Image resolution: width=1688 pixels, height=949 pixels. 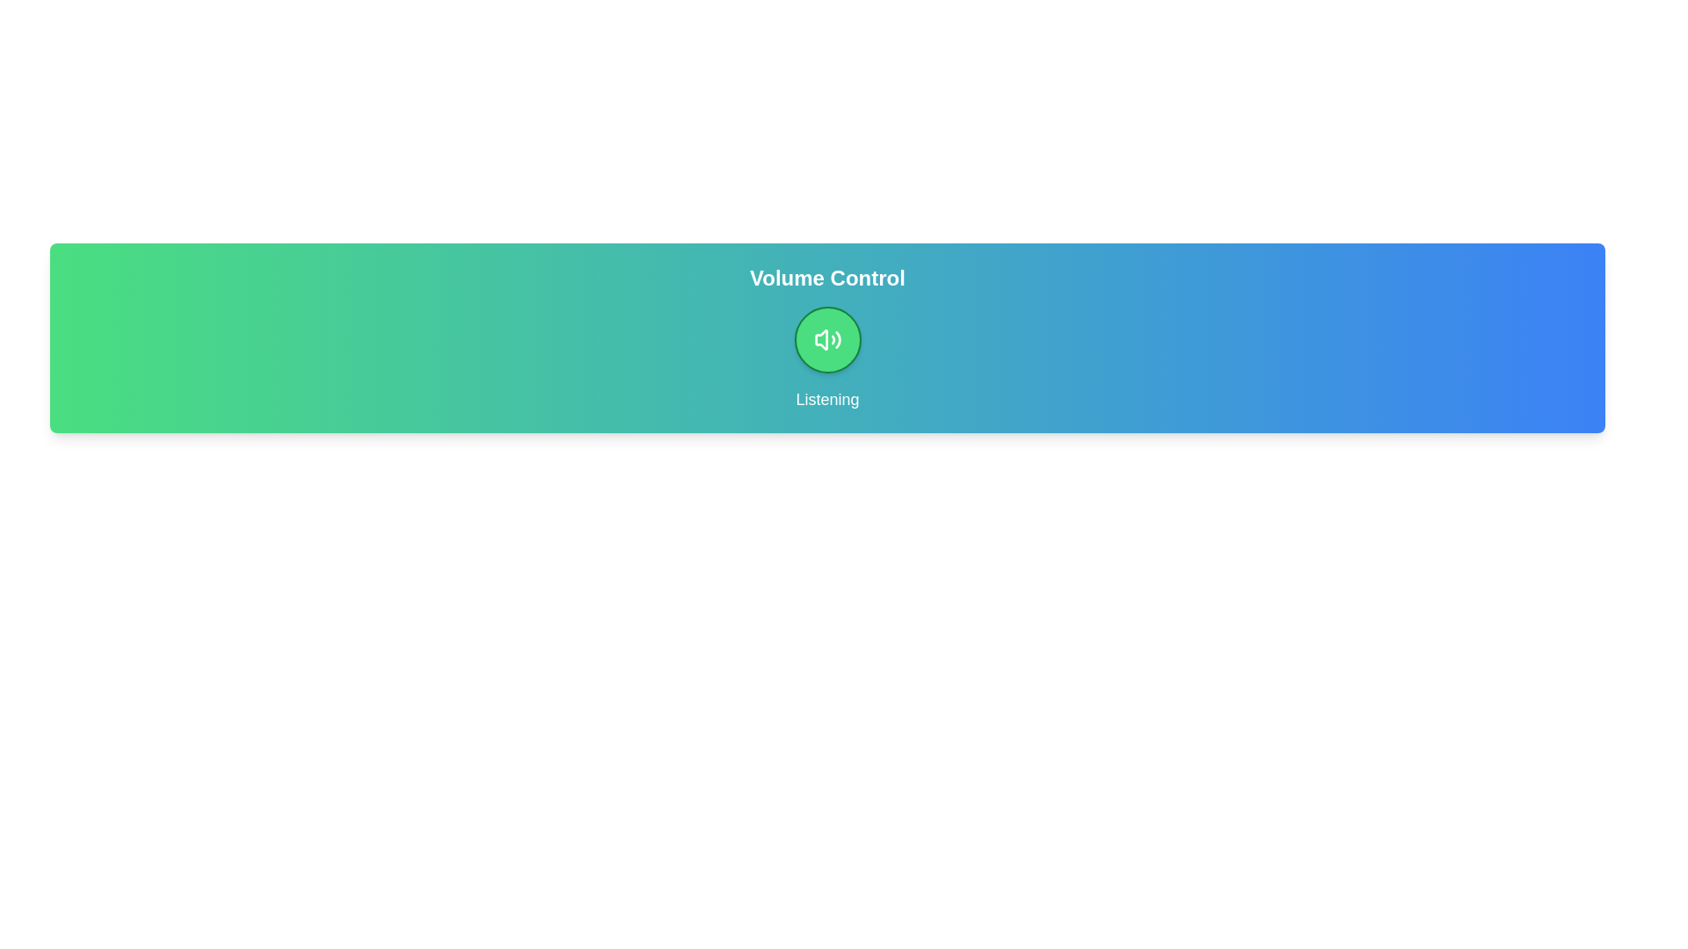 I want to click on the volume toggle button to change its state, so click(x=826, y=339).